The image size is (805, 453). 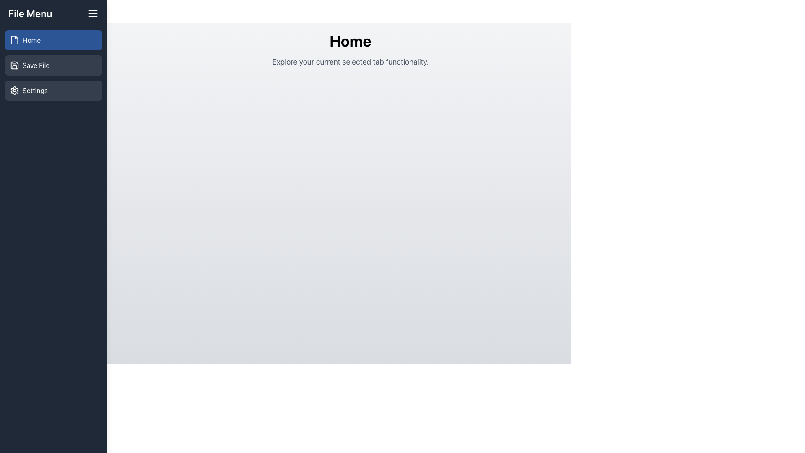 What do you see at coordinates (14, 40) in the screenshot?
I see `the 'Home' icon located` at bounding box center [14, 40].